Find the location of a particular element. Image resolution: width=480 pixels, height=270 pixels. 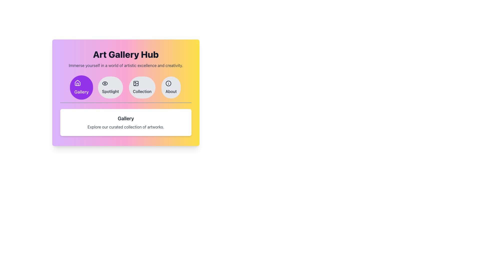

the 'Gallery' icon, which is the first circular graphic below the header is located at coordinates (77, 82).